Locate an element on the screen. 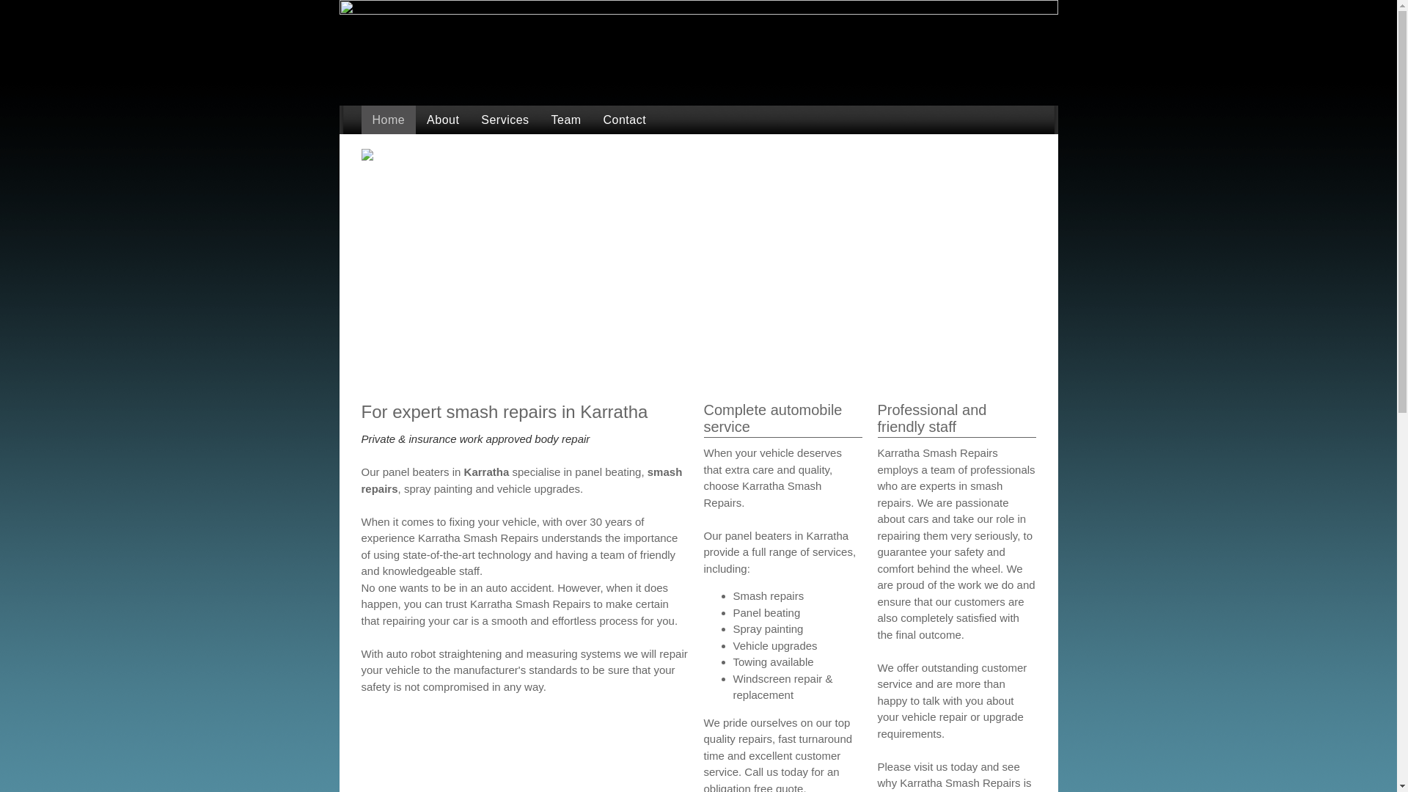 This screenshot has height=792, width=1408. 'Home' is located at coordinates (360, 120).